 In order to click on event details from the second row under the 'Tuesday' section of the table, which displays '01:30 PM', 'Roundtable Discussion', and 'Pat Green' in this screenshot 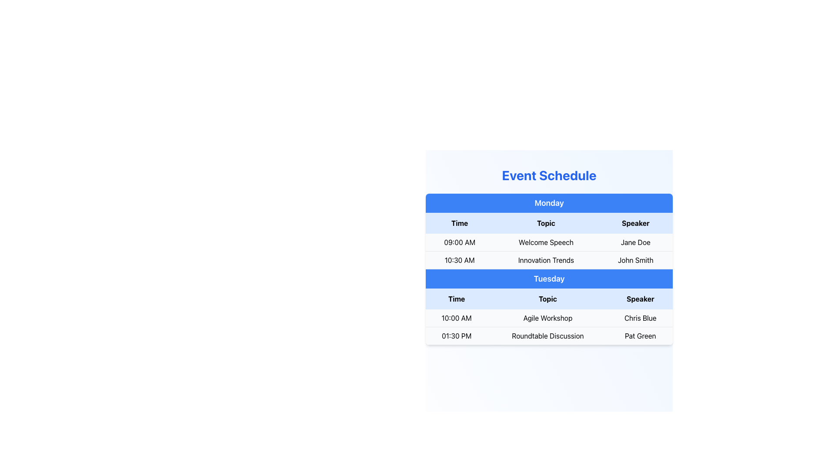, I will do `click(548, 335)`.